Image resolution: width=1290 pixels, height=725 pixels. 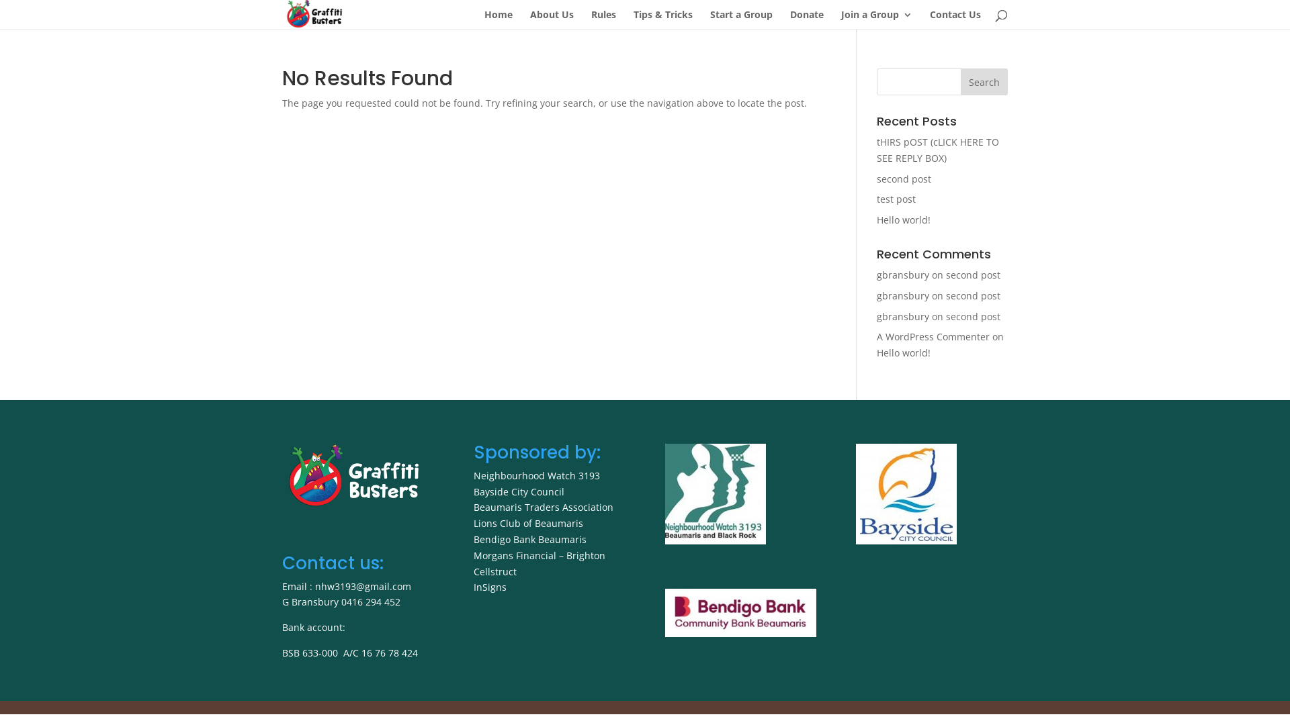 What do you see at coordinates (552, 19) in the screenshot?
I see `'About Us'` at bounding box center [552, 19].